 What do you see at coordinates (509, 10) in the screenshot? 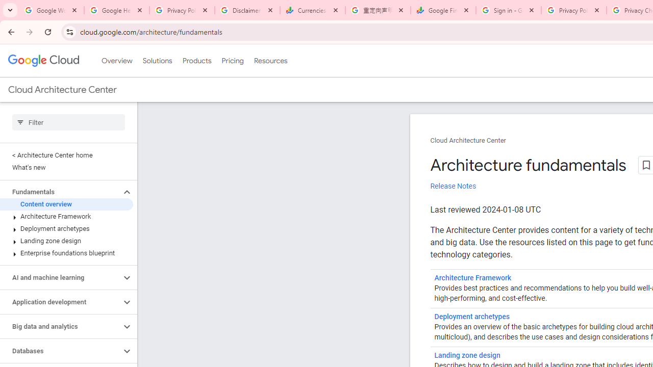
I see `'Sign in - Google Accounts'` at bounding box center [509, 10].